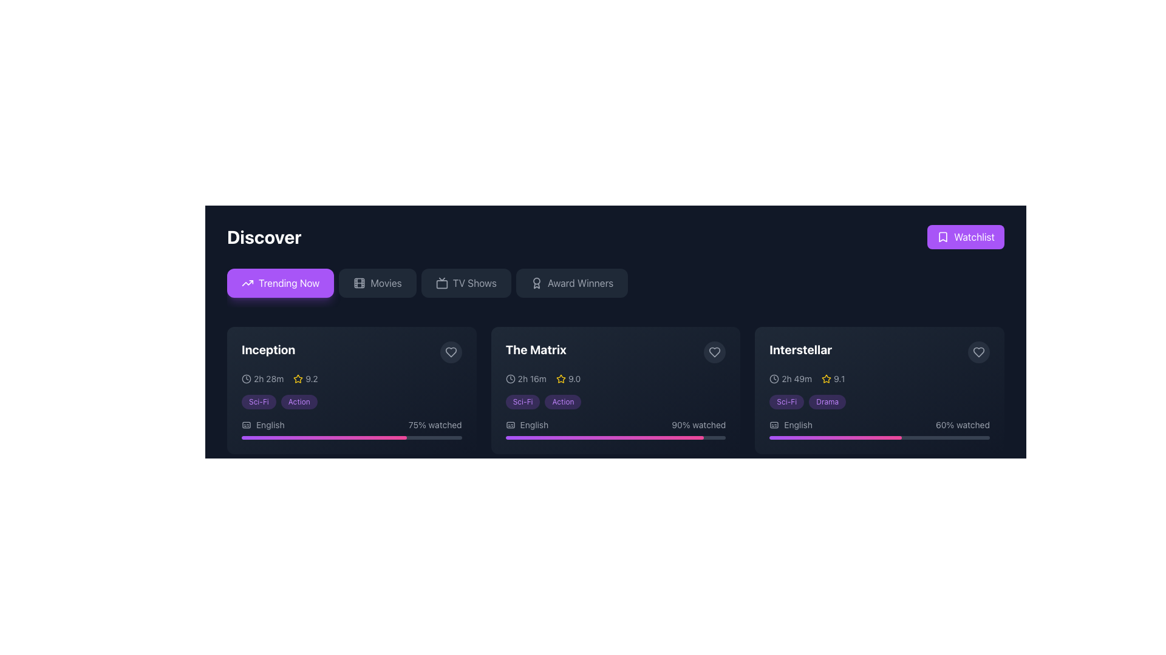  I want to click on the static text label that displays the rating score for the movie 'Inception', positioned to the right of a yellow star icon, so click(312, 378).